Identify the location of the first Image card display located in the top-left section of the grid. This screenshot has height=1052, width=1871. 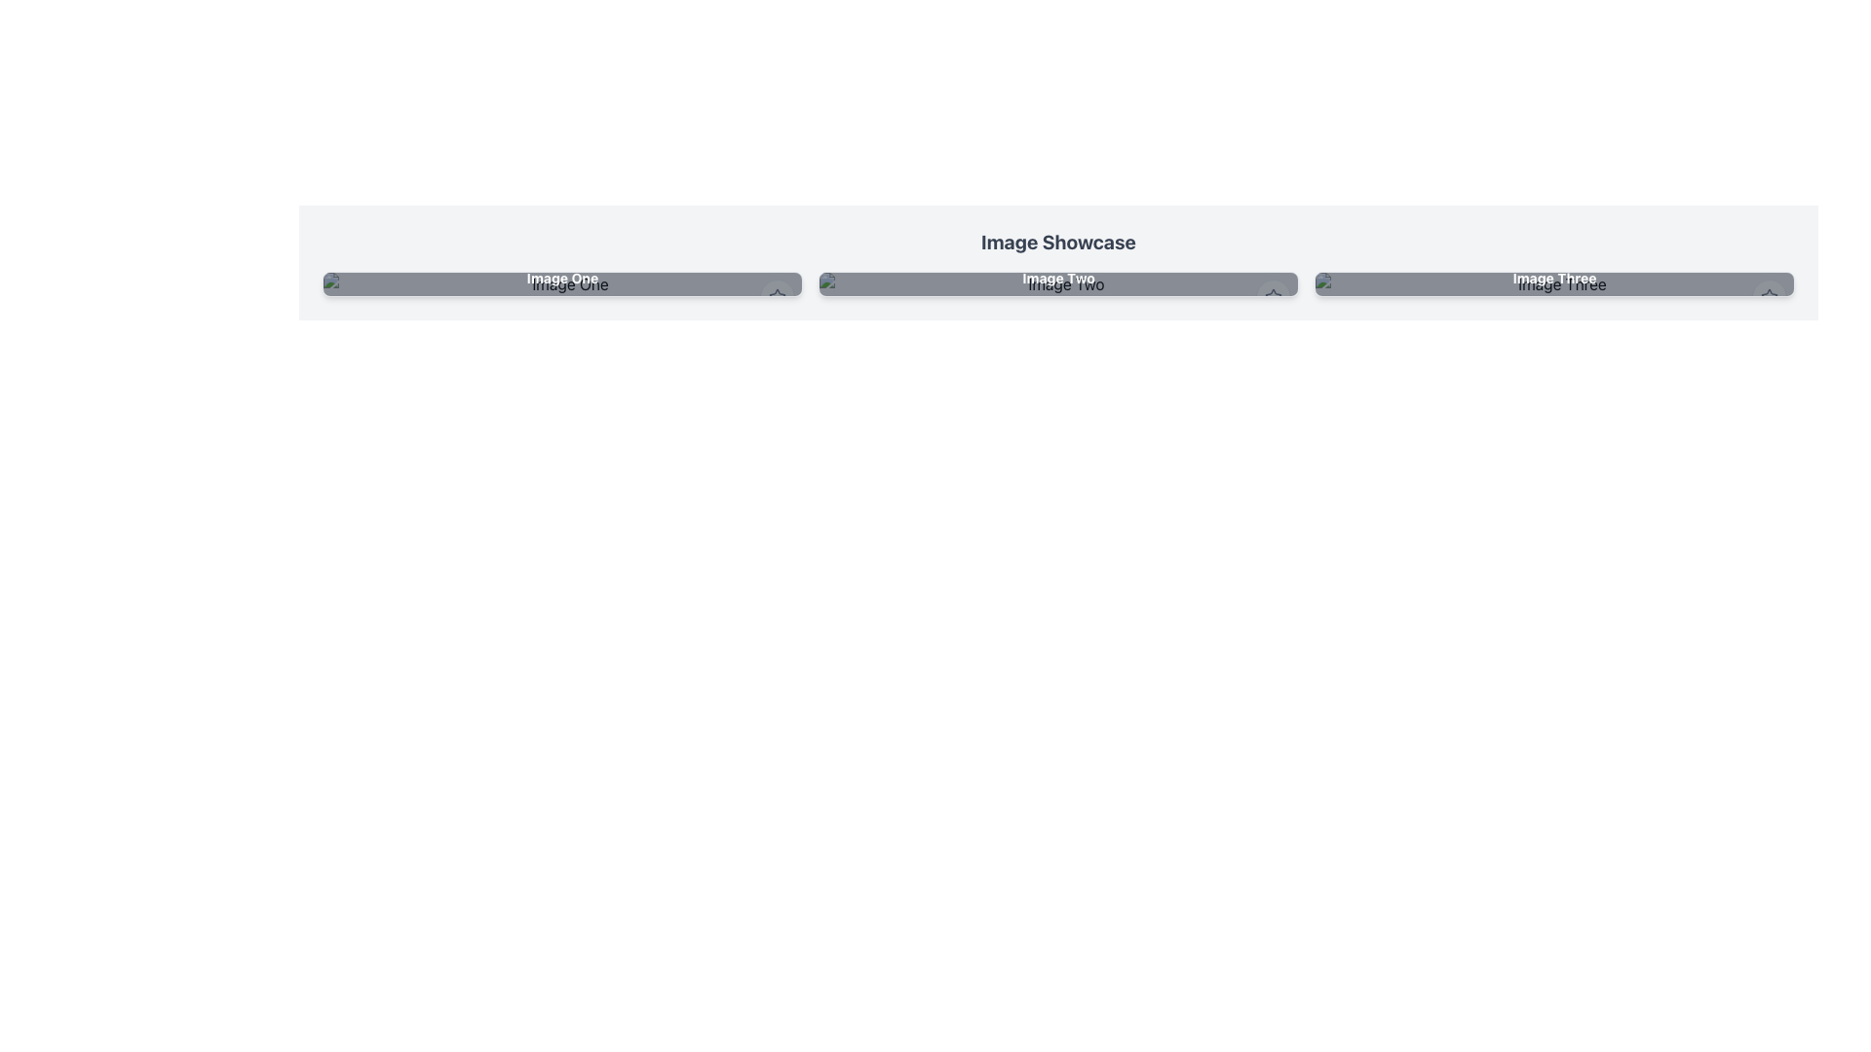
(561, 284).